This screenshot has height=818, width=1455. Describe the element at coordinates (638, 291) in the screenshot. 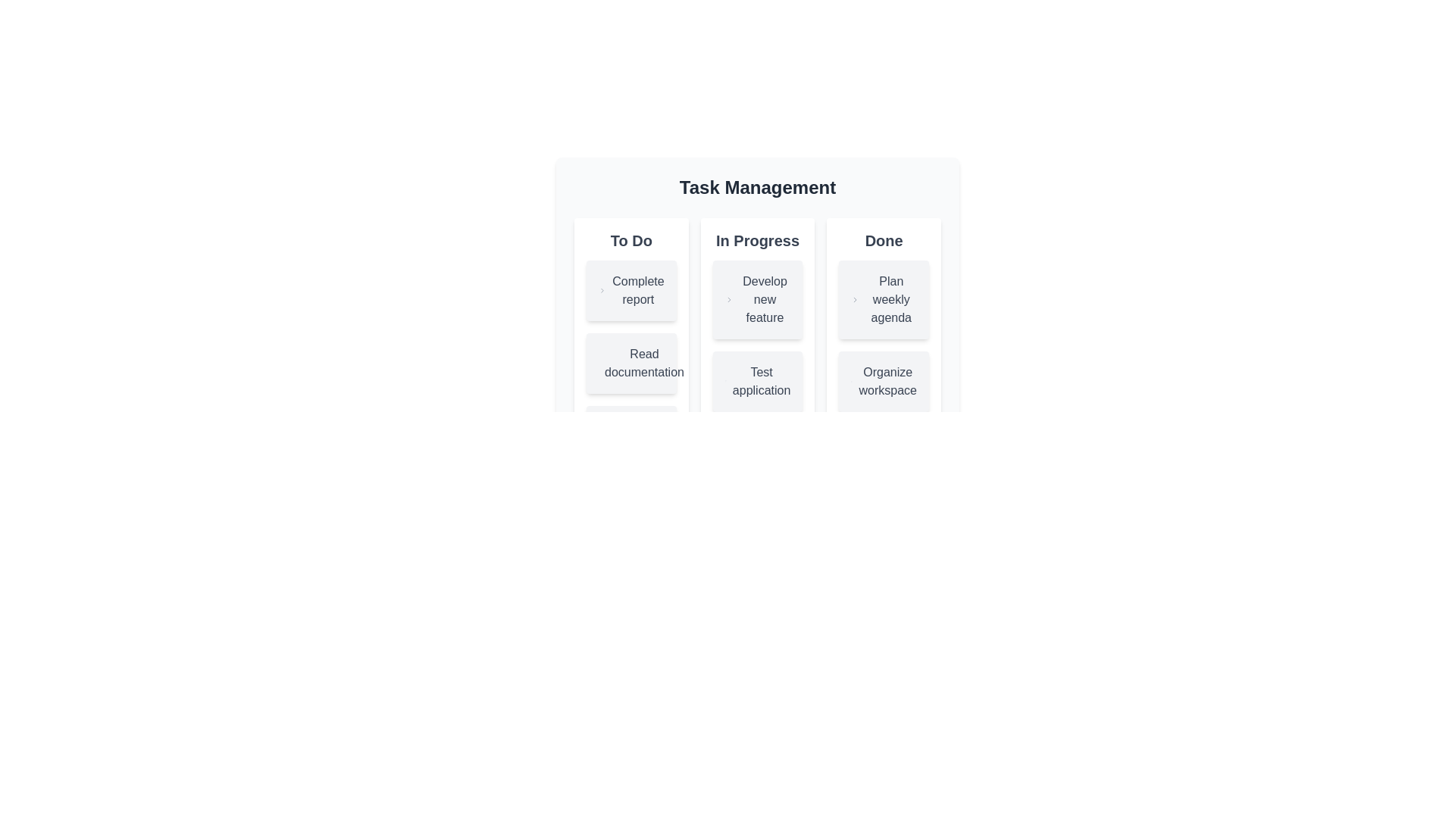

I see `the text element labeled 'Complete report'` at that location.